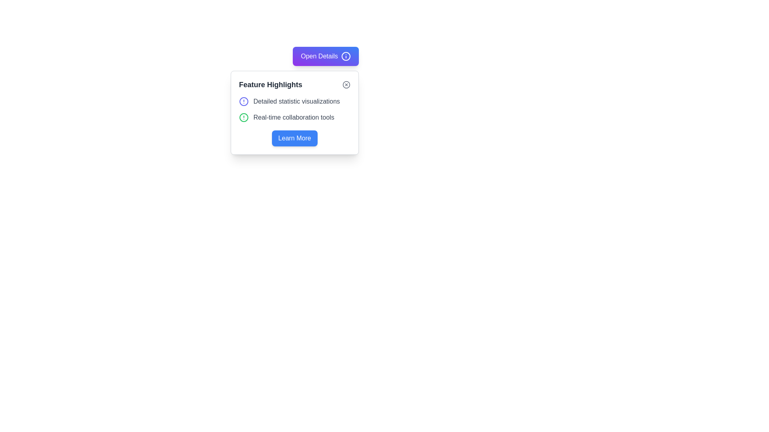  What do you see at coordinates (346, 56) in the screenshot?
I see `the 'Open Details' button which contains the information icon on the far right` at bounding box center [346, 56].